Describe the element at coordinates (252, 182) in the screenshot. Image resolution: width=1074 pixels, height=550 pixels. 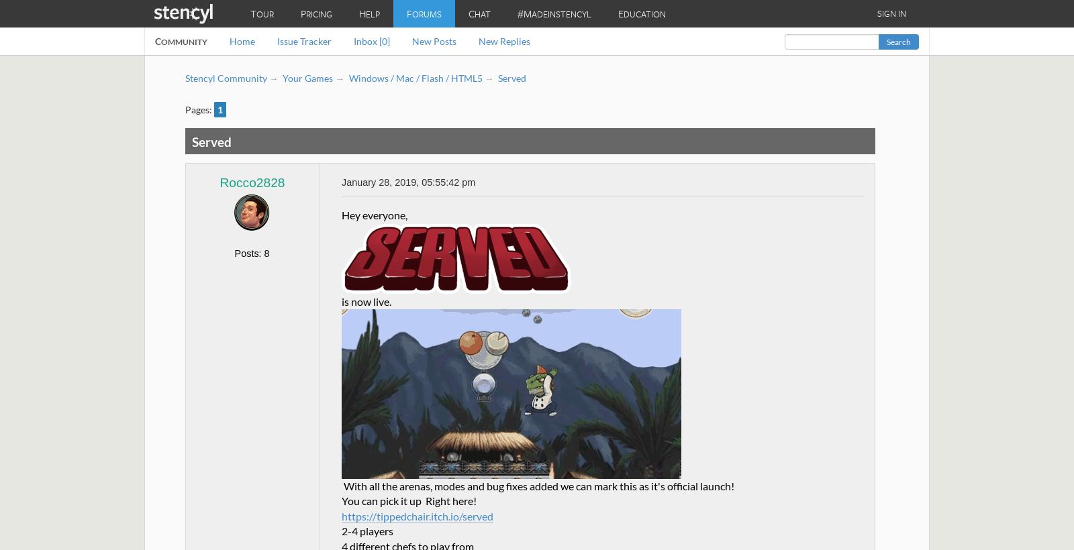
I see `'Rocco2828'` at that location.